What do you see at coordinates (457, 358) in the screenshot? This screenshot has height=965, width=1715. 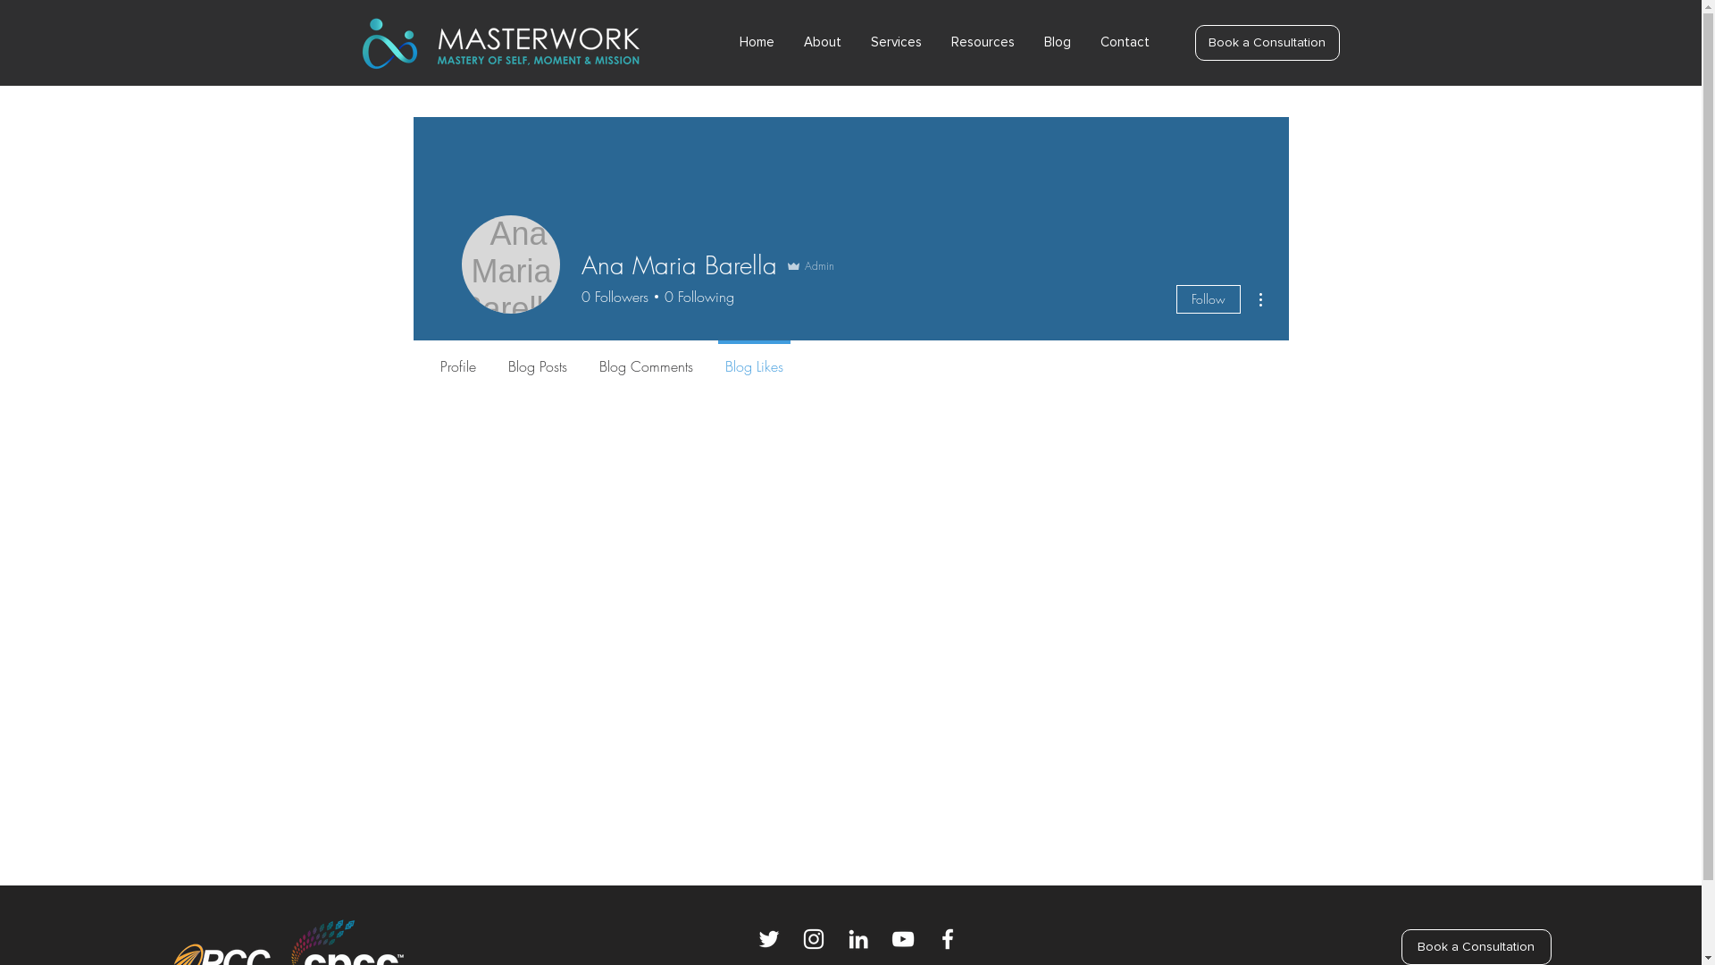 I see `'Profile'` at bounding box center [457, 358].